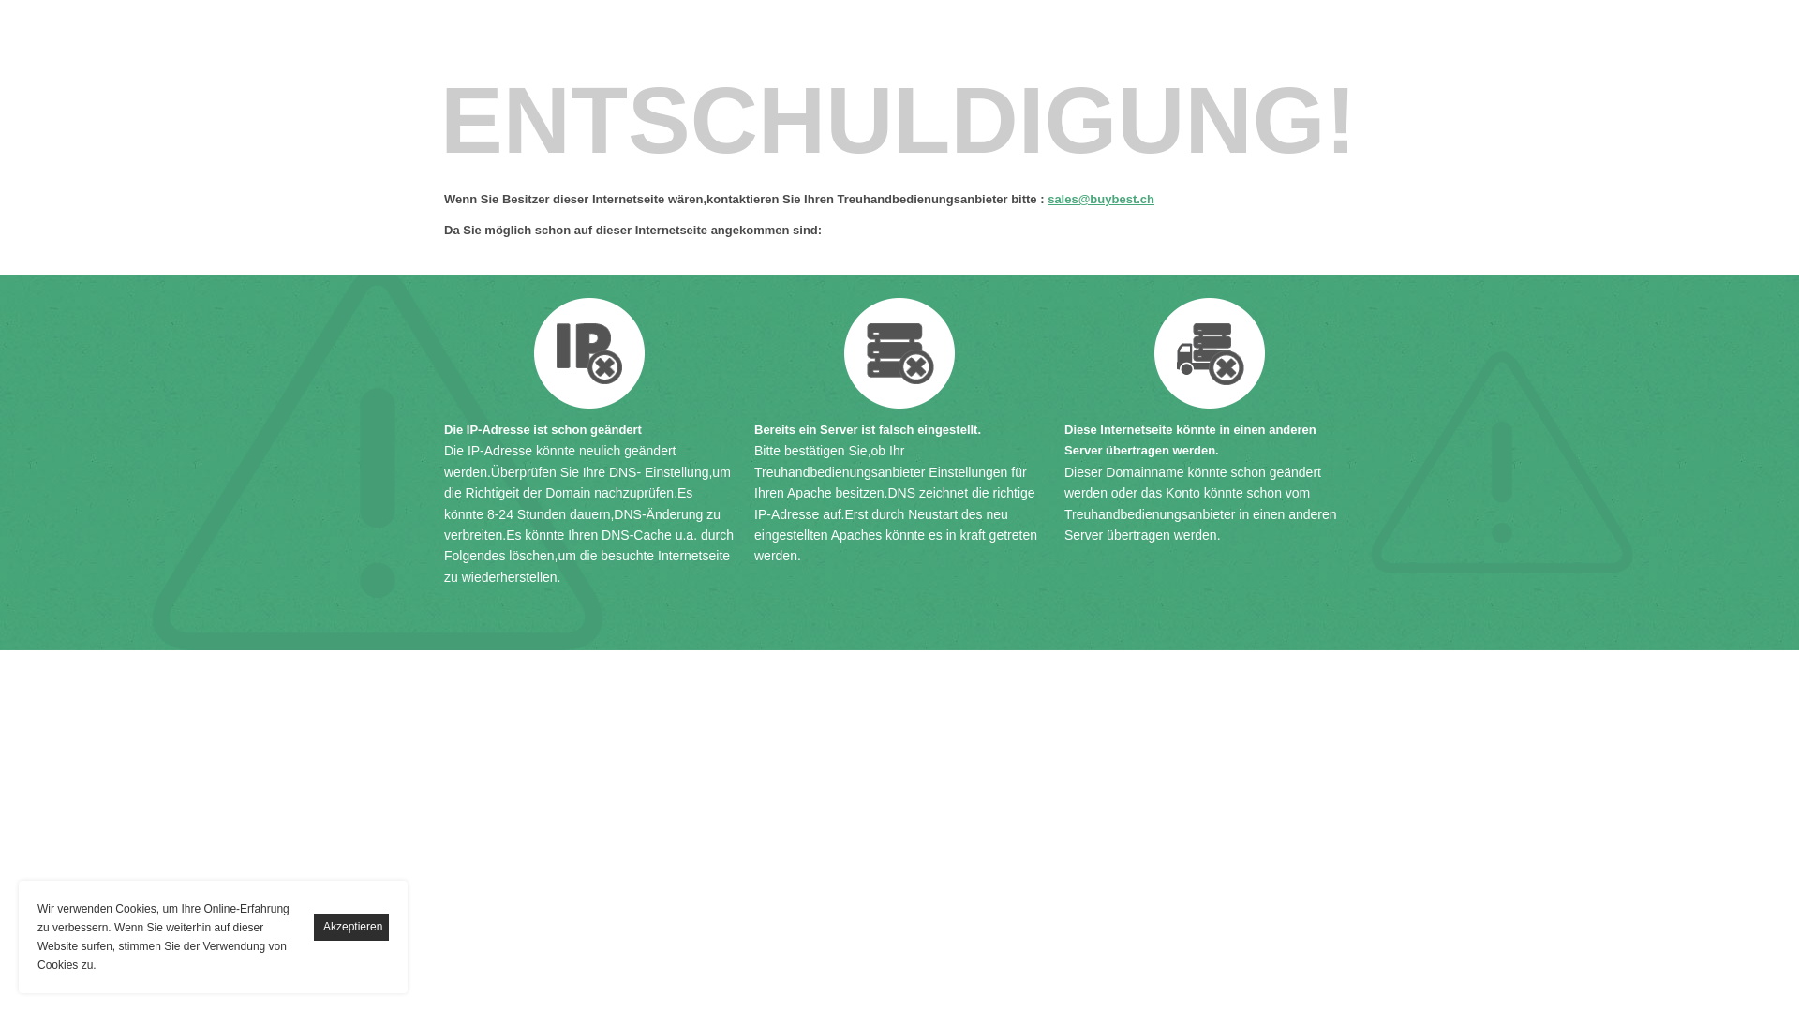  Describe the element at coordinates (1101, 199) in the screenshot. I see `'sales@buybest.ch'` at that location.